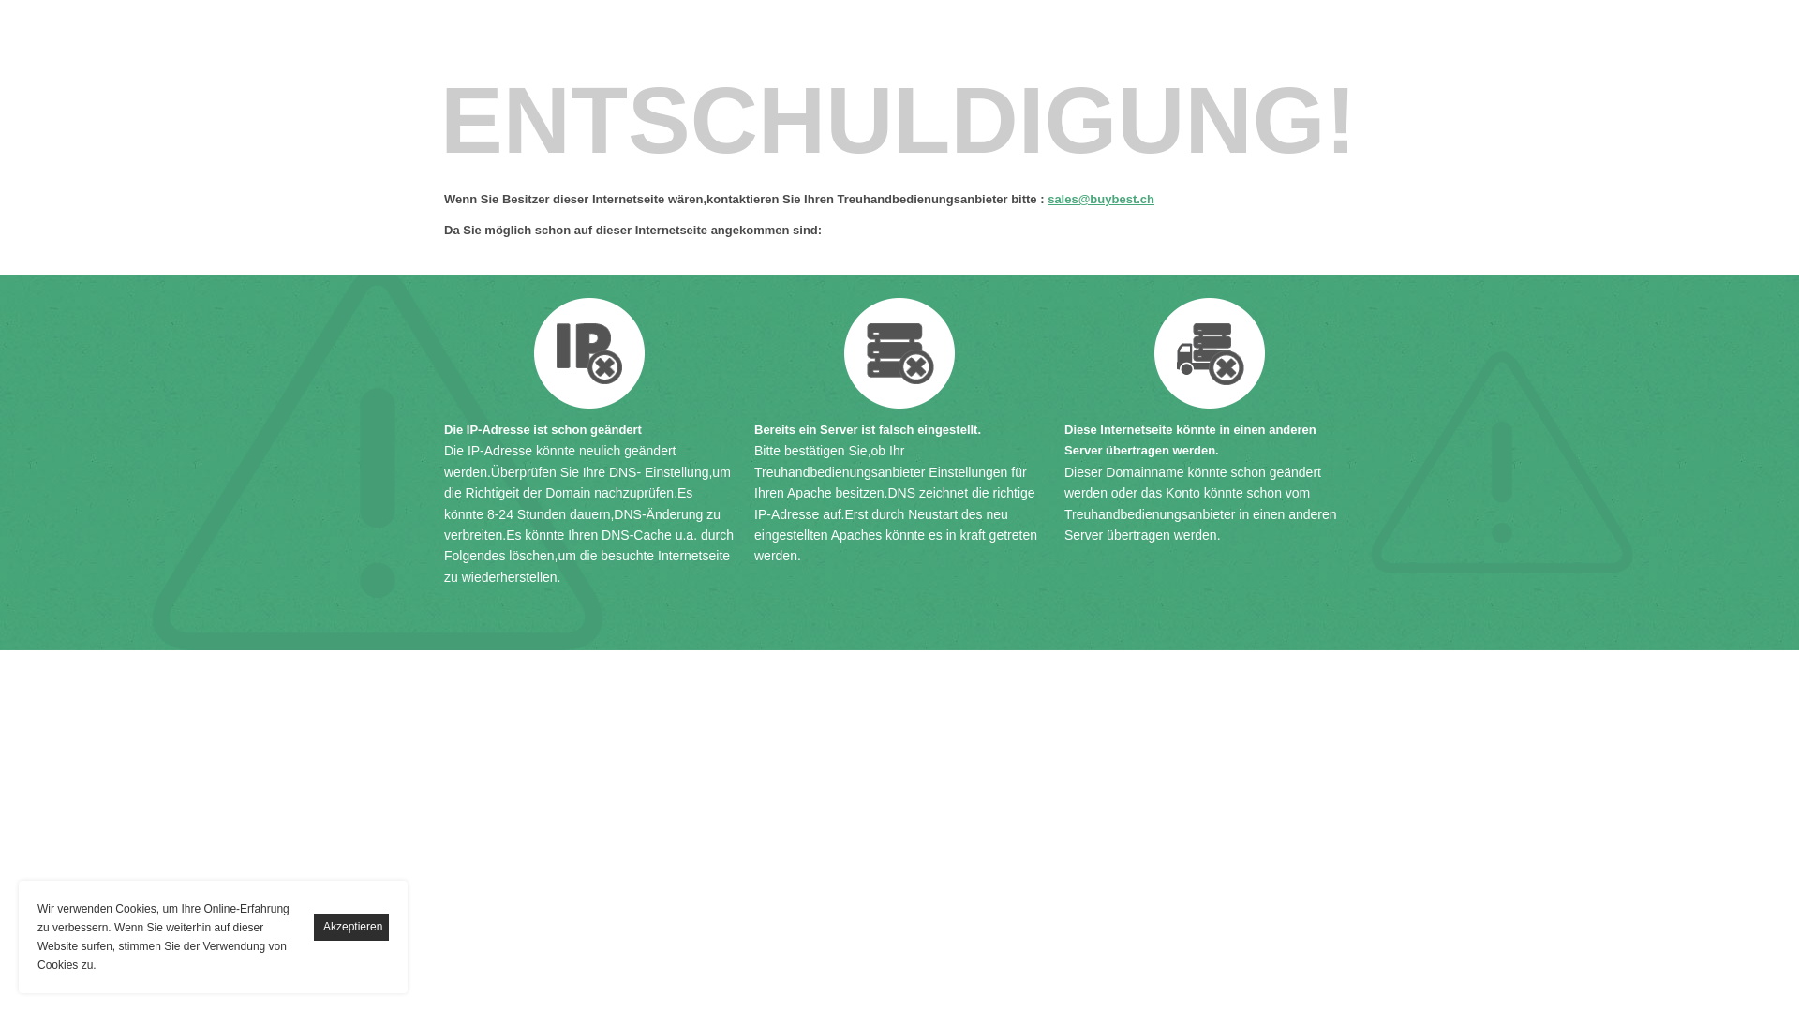  Describe the element at coordinates (1101, 199) in the screenshot. I see `'sales@buybest.ch'` at that location.